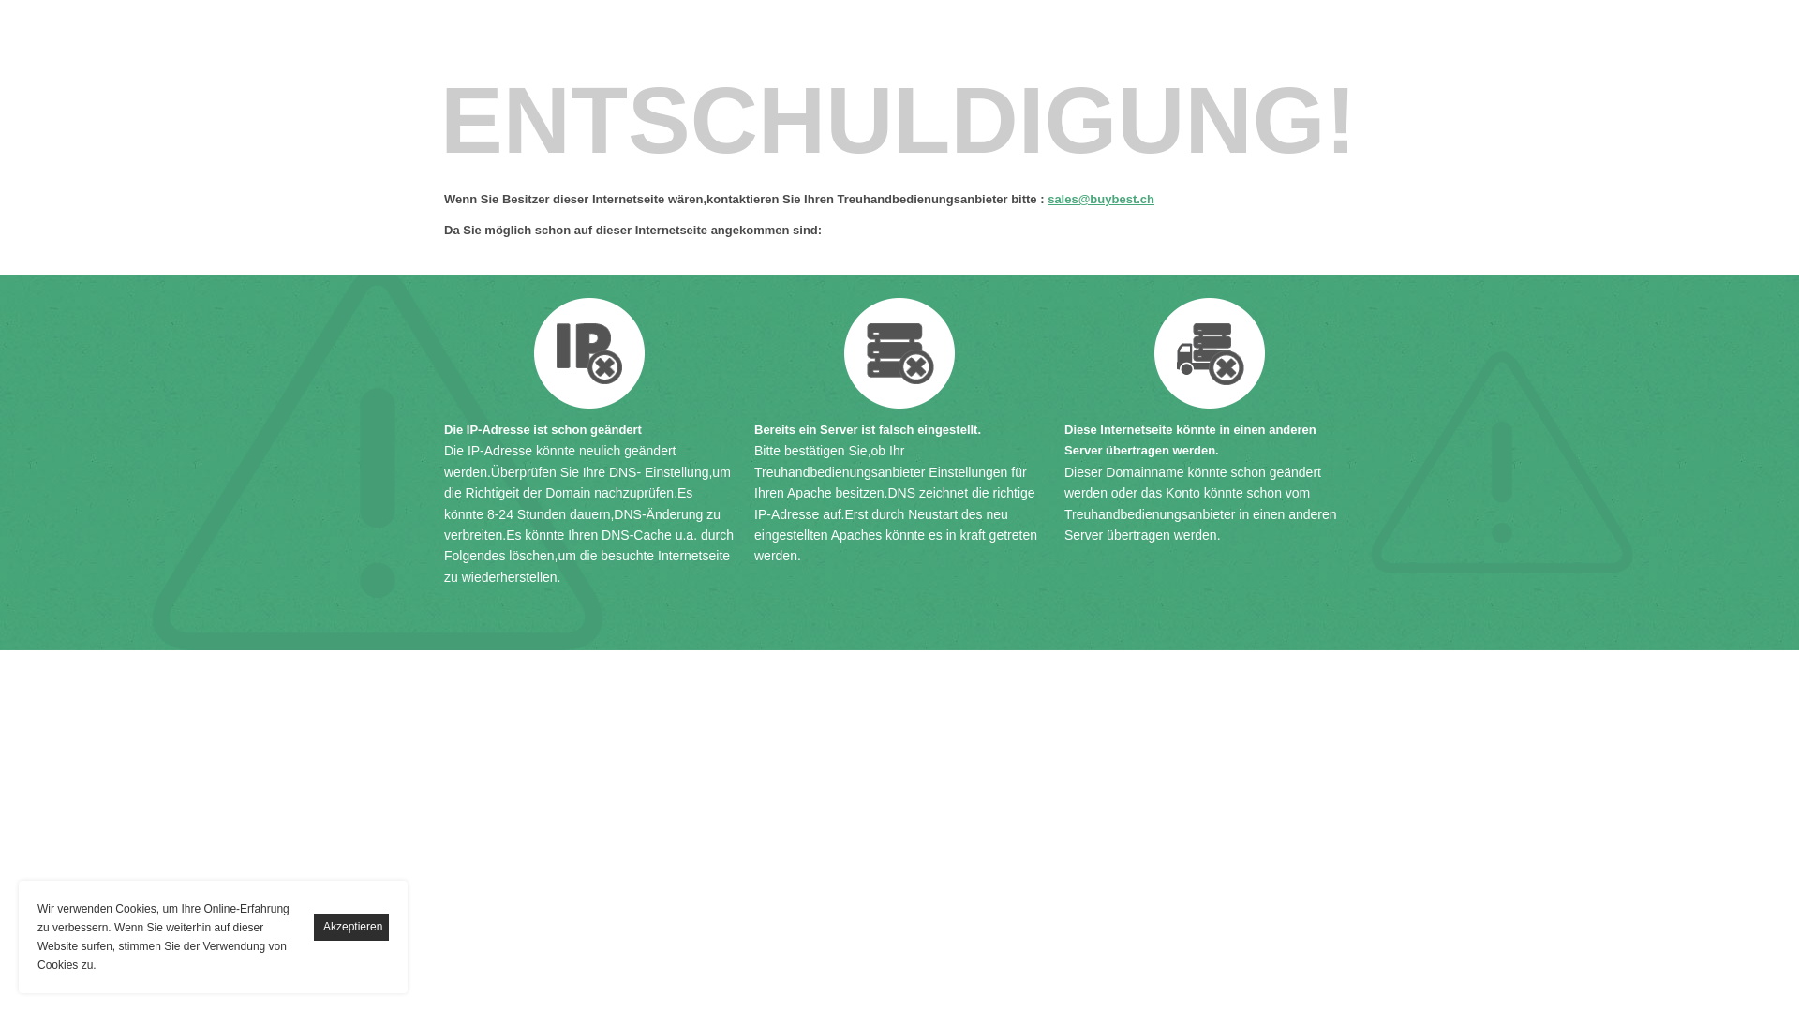  Describe the element at coordinates (1101, 199) in the screenshot. I see `'sales@buybest.ch'` at that location.